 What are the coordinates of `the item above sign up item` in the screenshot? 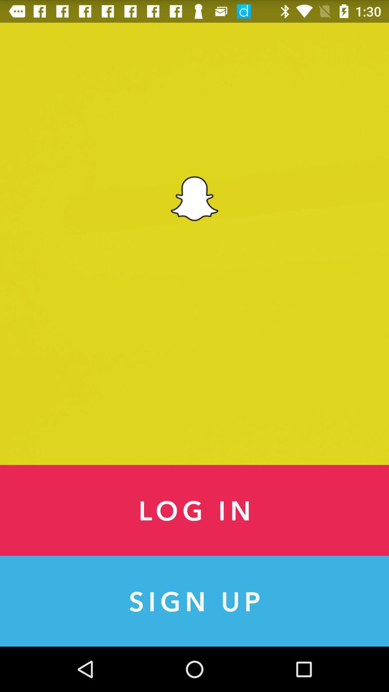 It's located at (194, 510).